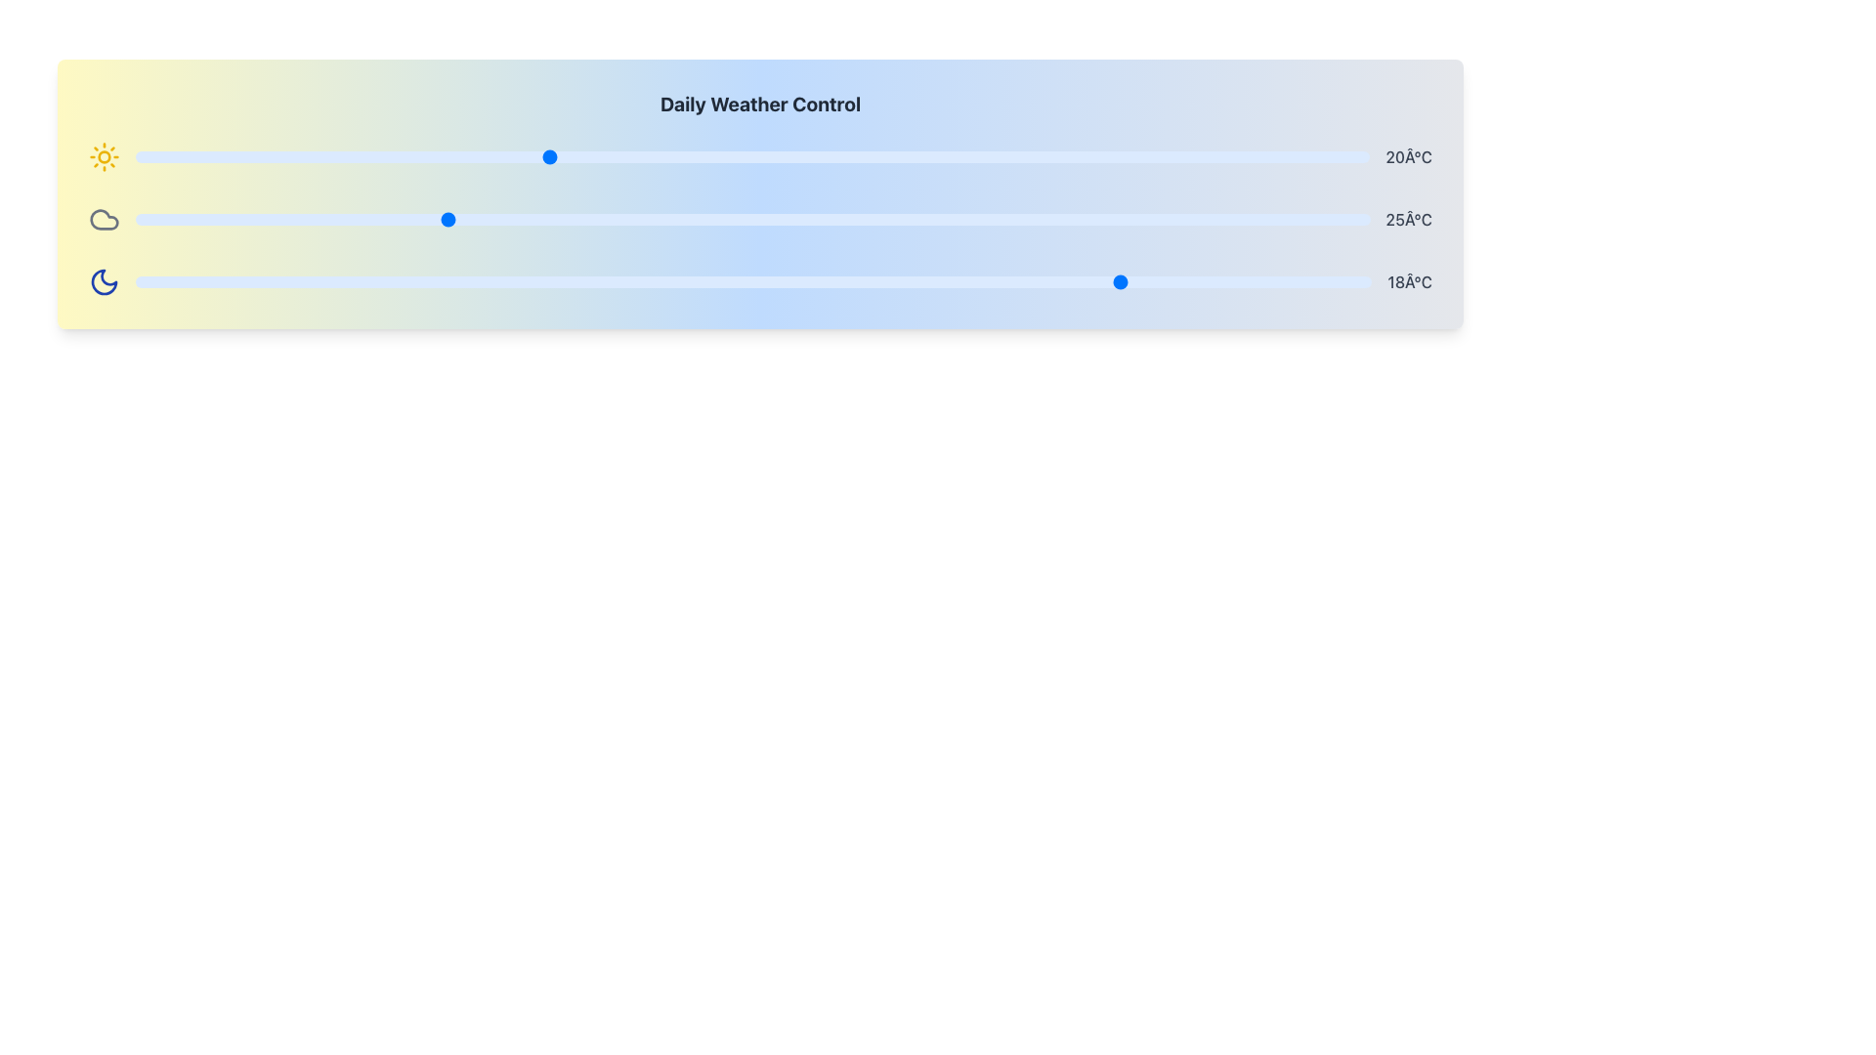 Image resolution: width=1876 pixels, height=1055 pixels. What do you see at coordinates (135, 282) in the screenshot?
I see `the temperature slider` at bounding box center [135, 282].